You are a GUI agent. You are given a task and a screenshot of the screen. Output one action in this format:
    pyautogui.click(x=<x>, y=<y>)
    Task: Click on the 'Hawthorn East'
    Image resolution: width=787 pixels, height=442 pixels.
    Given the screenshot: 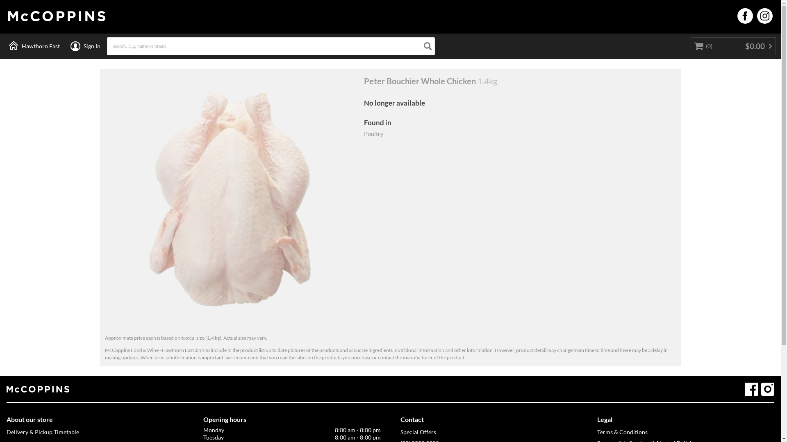 What is the action you would take?
    pyautogui.click(x=34, y=46)
    